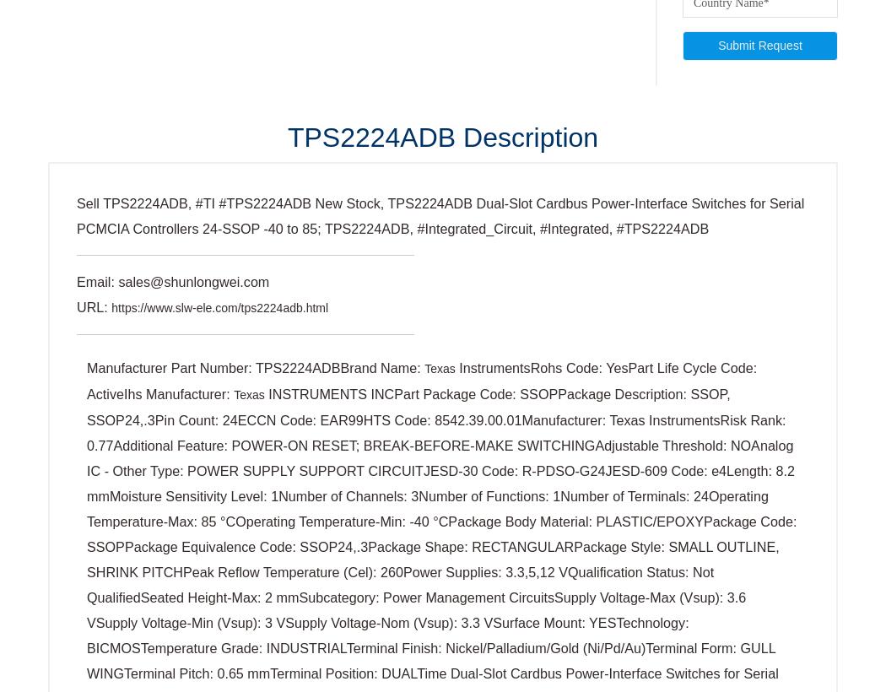 This screenshot has width=886, height=692. Describe the element at coordinates (341, 630) in the screenshot. I see `'FP15R12KT3'` at that location.